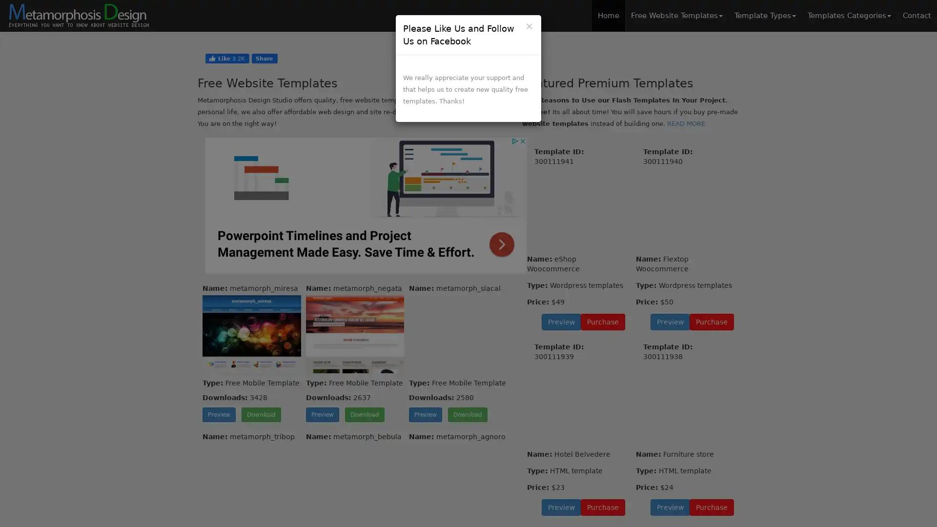  Describe the element at coordinates (529, 26) in the screenshot. I see `Close` at that location.